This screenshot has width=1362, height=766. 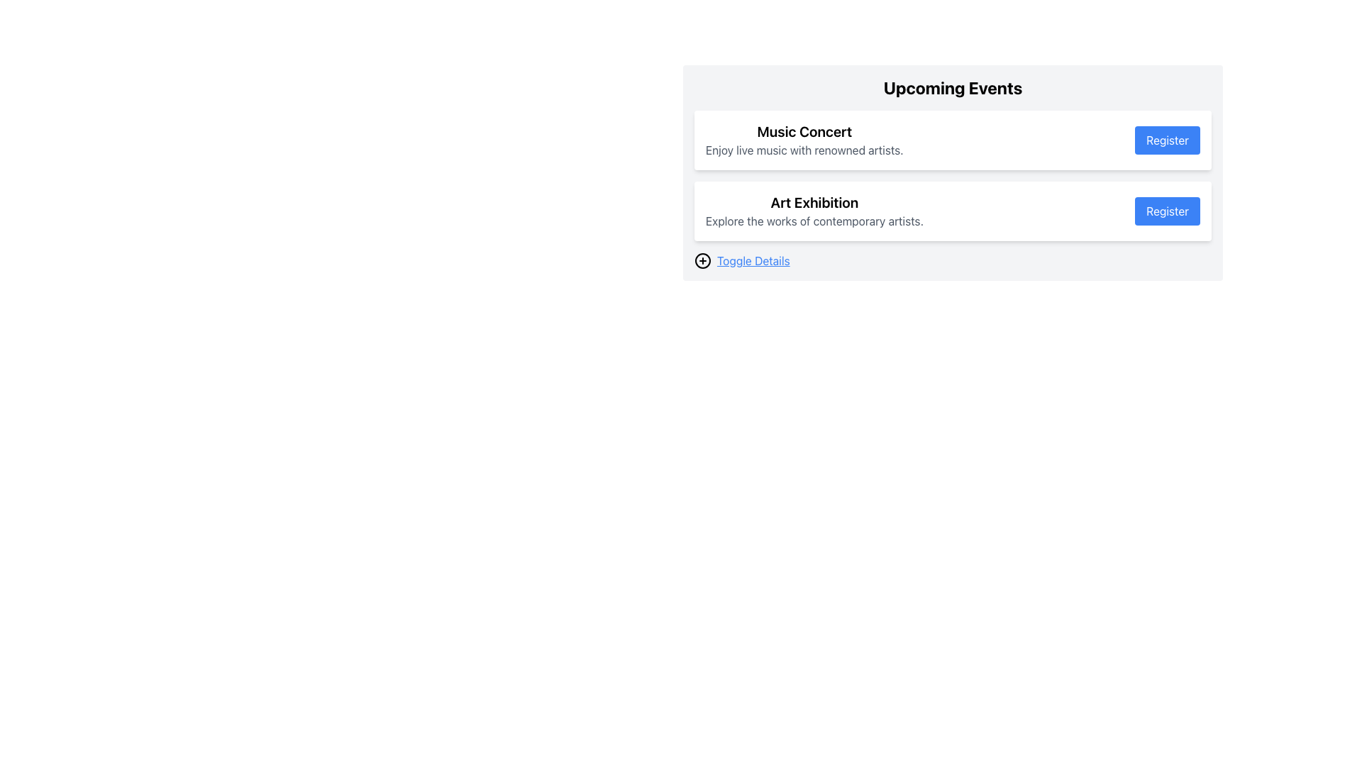 What do you see at coordinates (804, 131) in the screenshot?
I see `the 'Music Concert' text label, which is styled in bold and large text, located at the top of the description block for the music concert event` at bounding box center [804, 131].